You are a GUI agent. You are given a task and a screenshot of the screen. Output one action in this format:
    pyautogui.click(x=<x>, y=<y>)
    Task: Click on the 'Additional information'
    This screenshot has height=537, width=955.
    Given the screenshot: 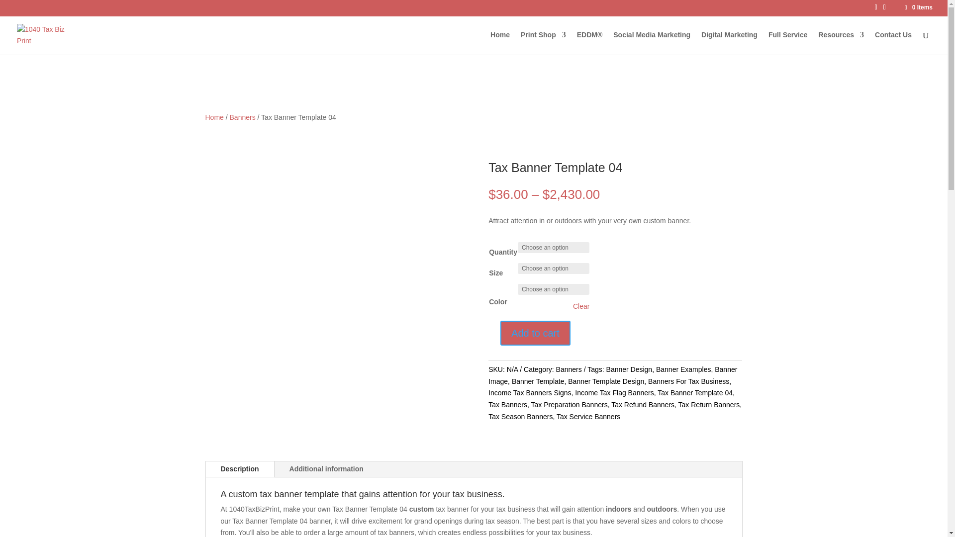 What is the action you would take?
    pyautogui.click(x=326, y=469)
    